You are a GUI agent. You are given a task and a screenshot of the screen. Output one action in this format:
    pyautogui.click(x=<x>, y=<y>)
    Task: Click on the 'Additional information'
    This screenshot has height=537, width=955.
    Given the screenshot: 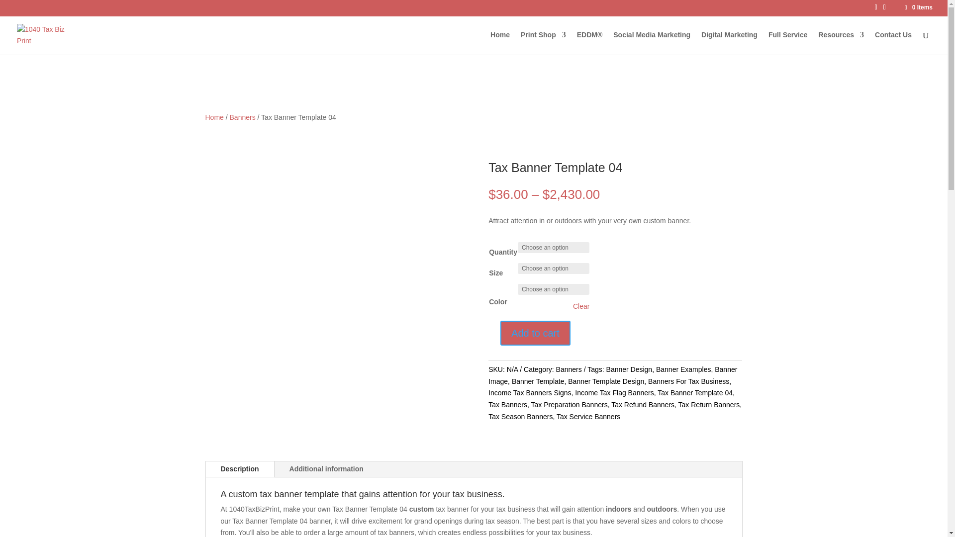 What is the action you would take?
    pyautogui.click(x=326, y=469)
    